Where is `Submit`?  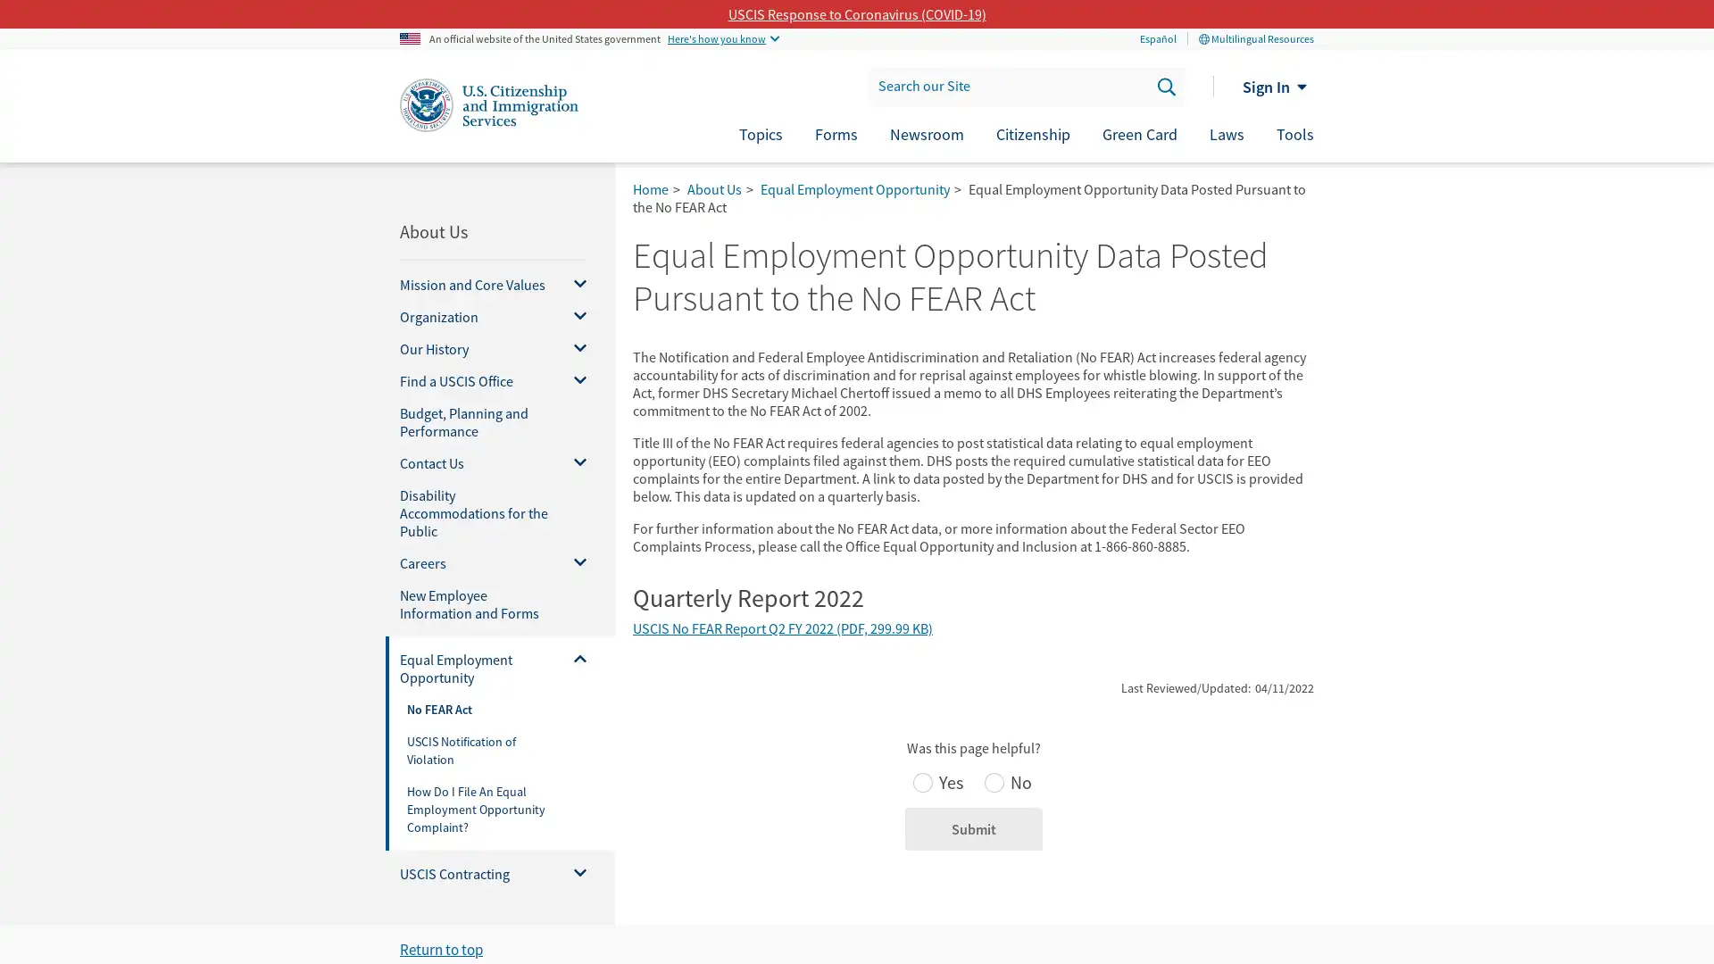
Submit is located at coordinates (971, 829).